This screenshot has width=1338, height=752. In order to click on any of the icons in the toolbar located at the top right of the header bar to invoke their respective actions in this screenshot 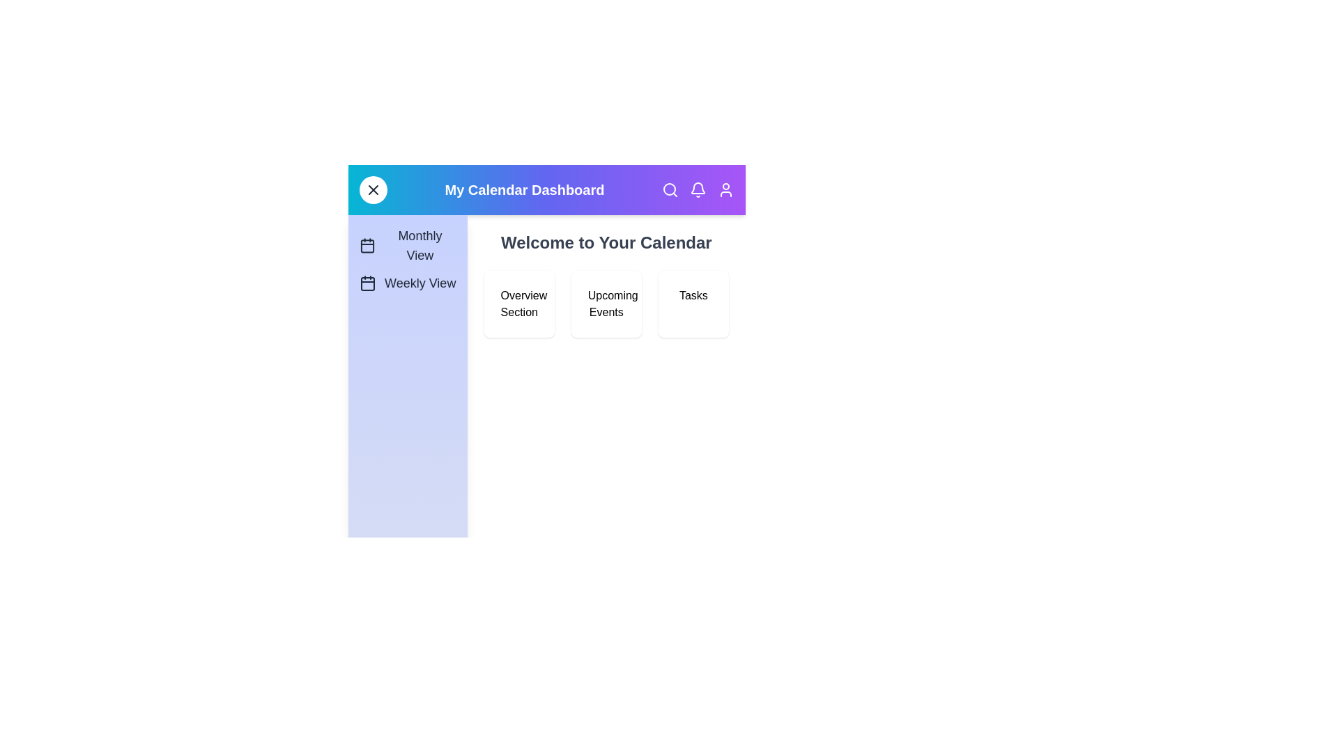, I will do `click(698, 190)`.